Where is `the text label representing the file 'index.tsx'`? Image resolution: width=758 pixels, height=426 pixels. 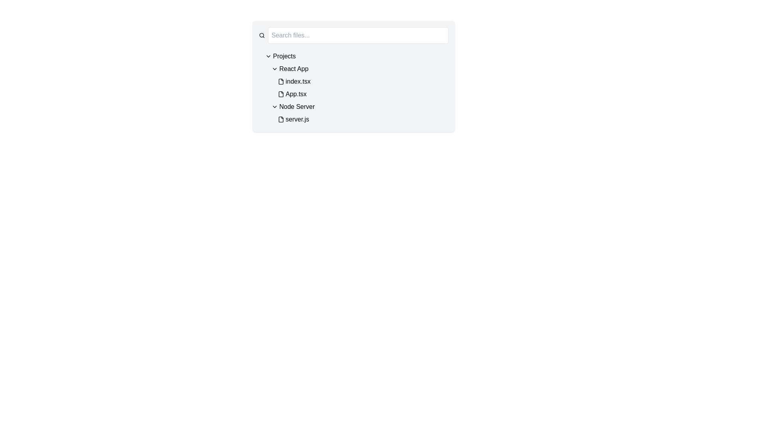
the text label representing the file 'index.tsx' is located at coordinates (298, 82).